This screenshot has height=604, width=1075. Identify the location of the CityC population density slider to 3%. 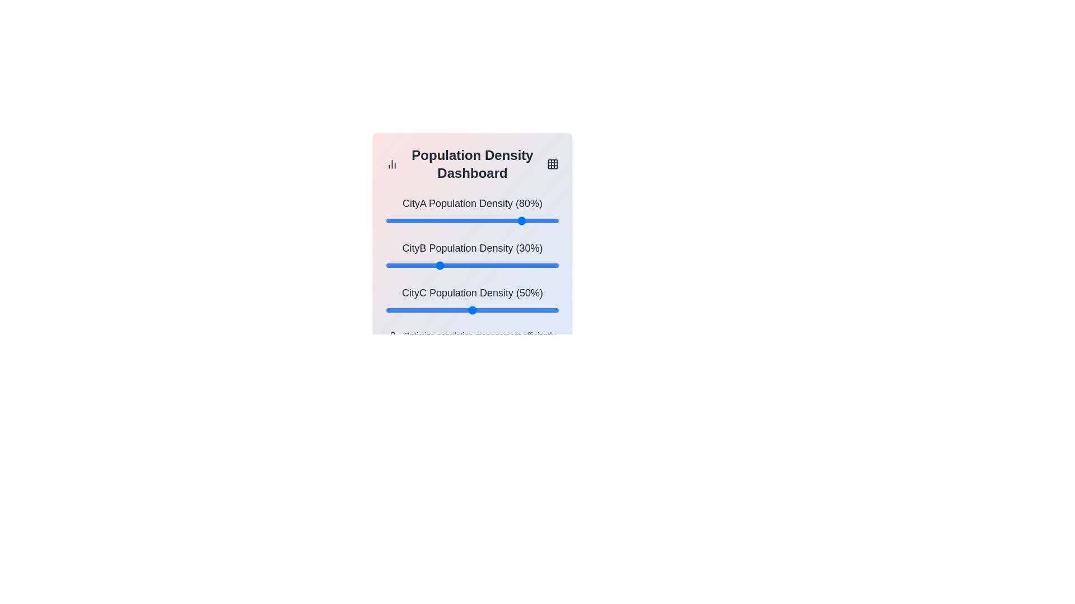
(391, 310).